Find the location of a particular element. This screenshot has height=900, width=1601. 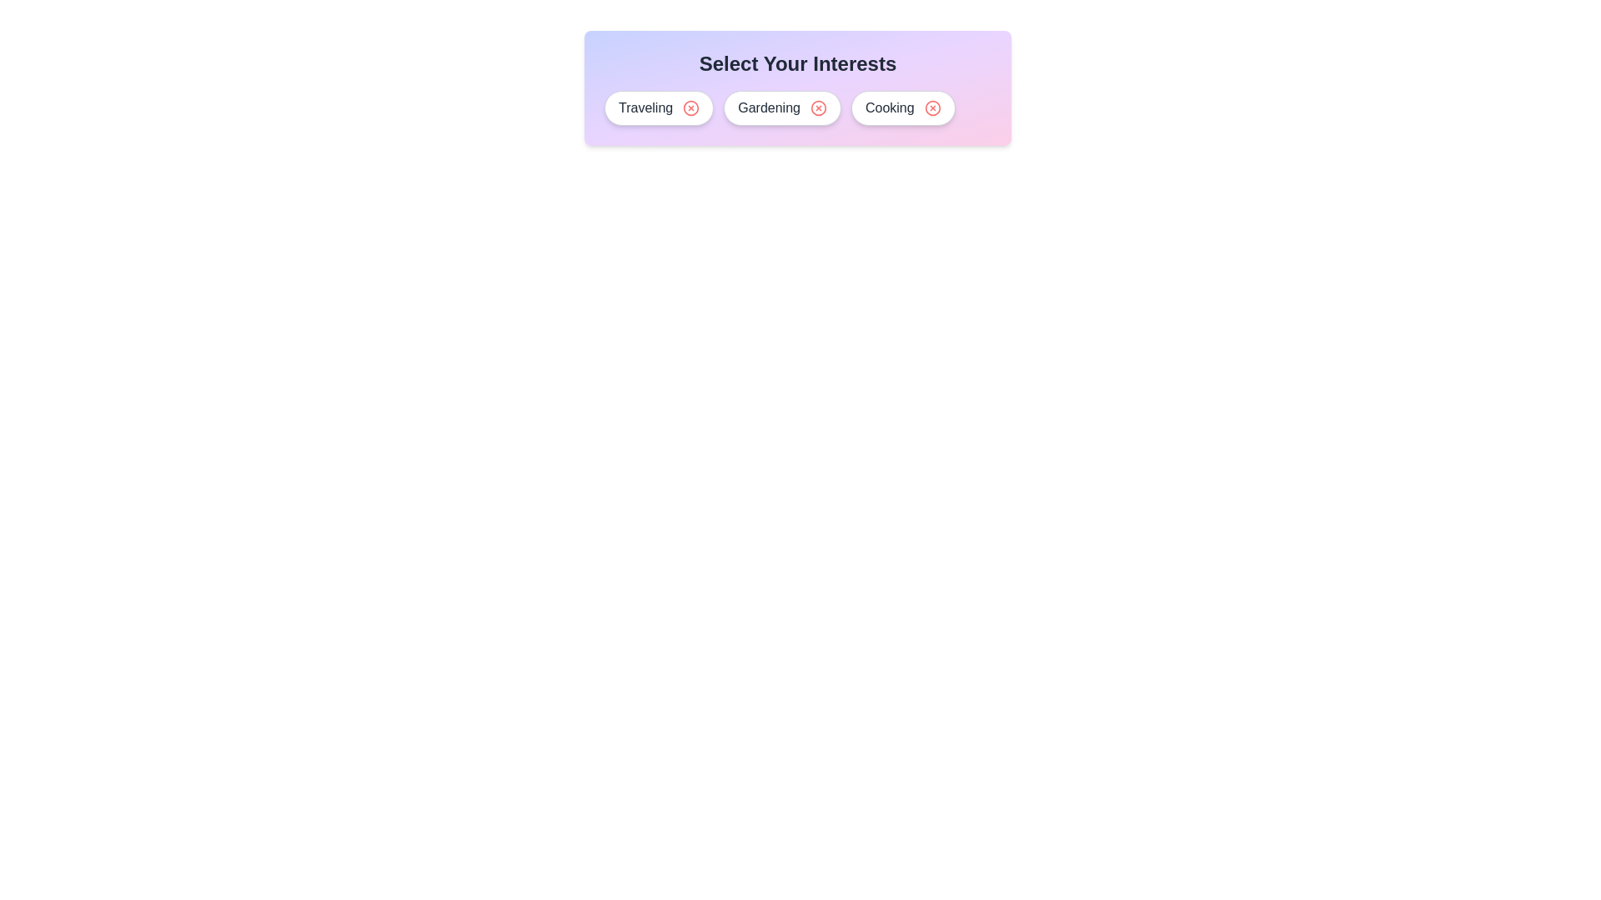

the delete button for the interest labeled Traveling is located at coordinates (691, 108).